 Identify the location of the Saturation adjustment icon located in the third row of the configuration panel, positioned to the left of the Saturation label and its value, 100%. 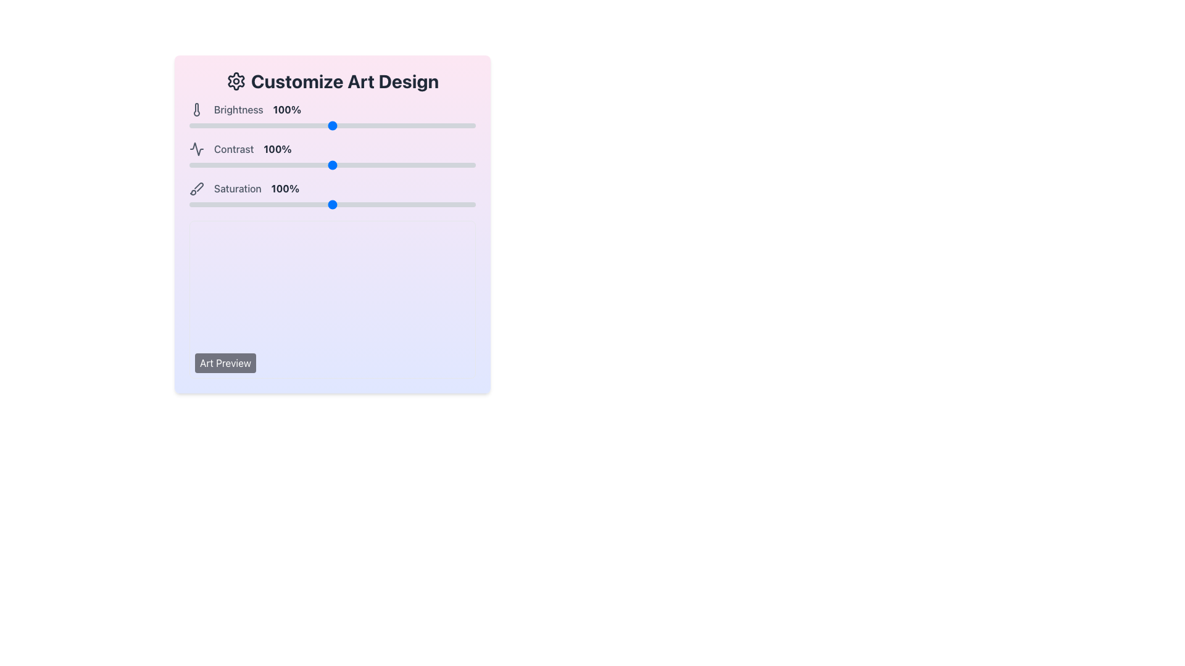
(196, 188).